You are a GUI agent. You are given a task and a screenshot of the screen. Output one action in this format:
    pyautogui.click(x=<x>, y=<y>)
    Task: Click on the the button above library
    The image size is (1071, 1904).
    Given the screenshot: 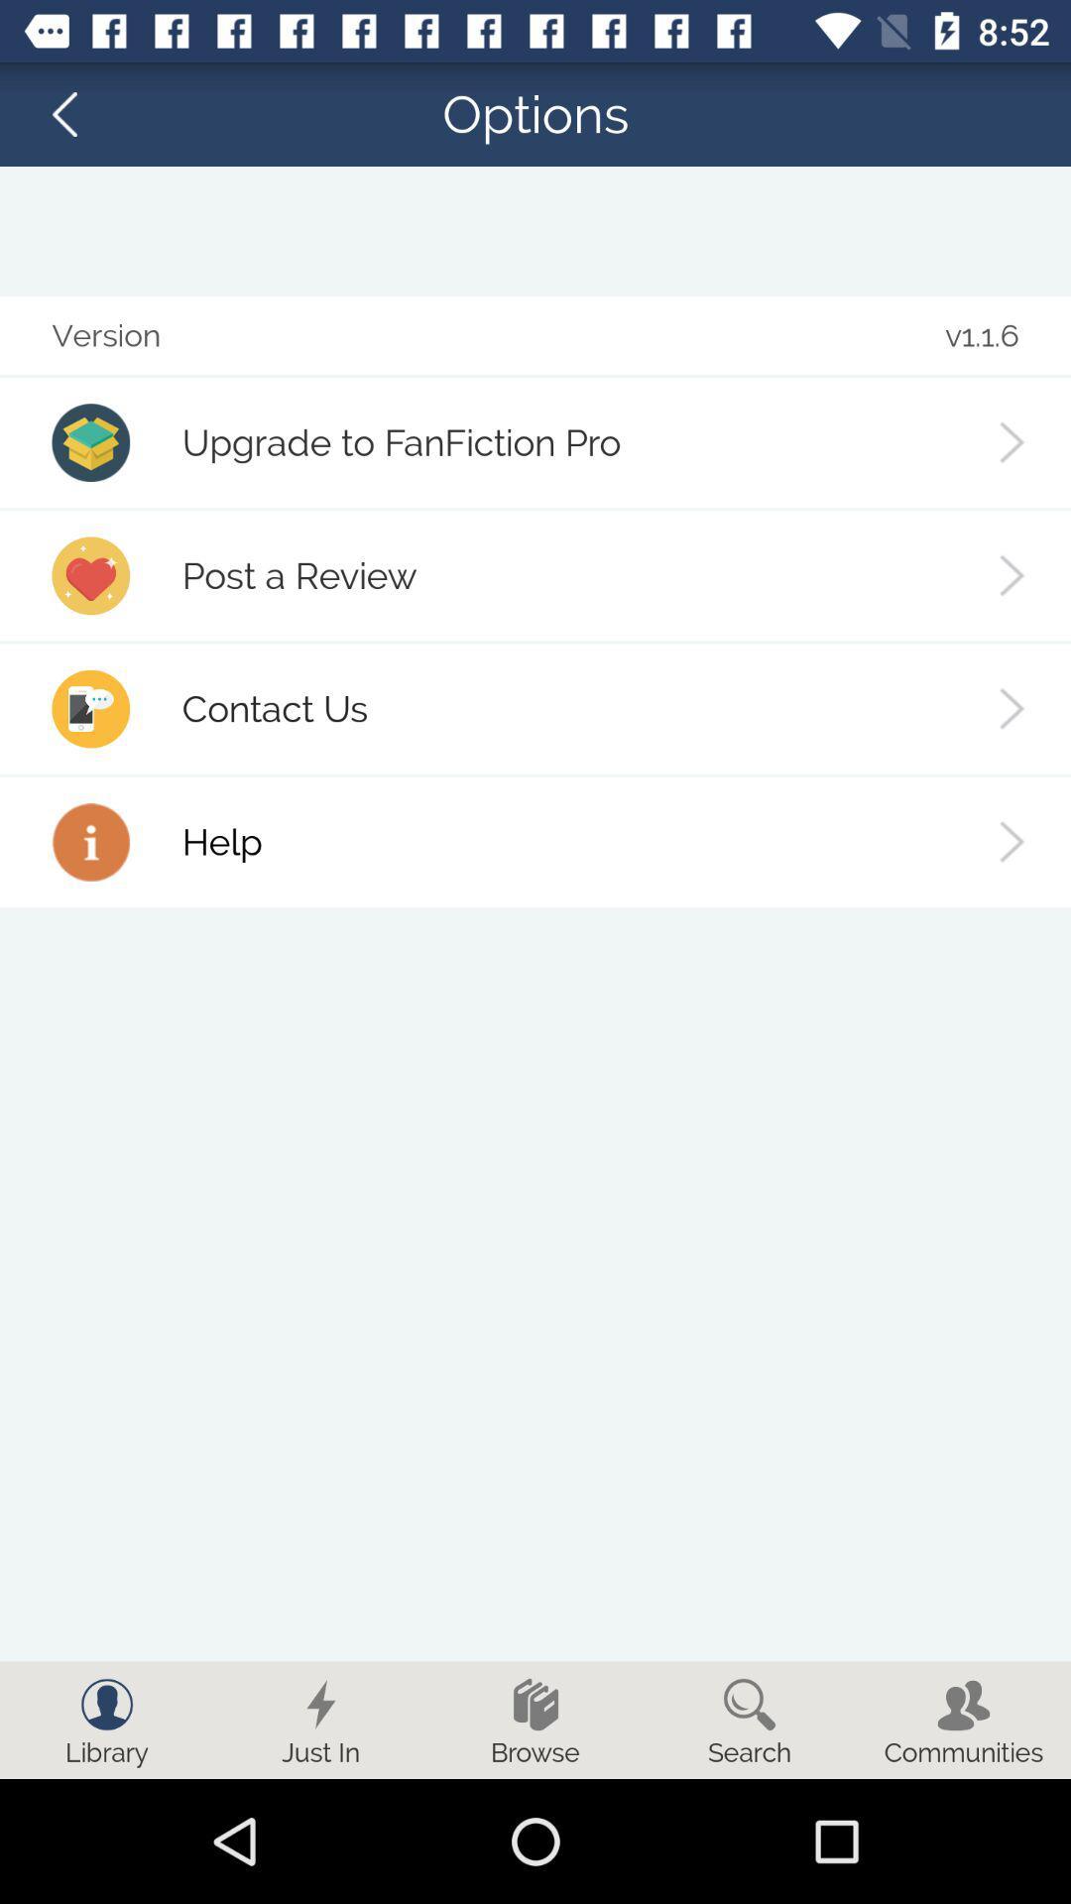 What is the action you would take?
    pyautogui.click(x=107, y=1703)
    